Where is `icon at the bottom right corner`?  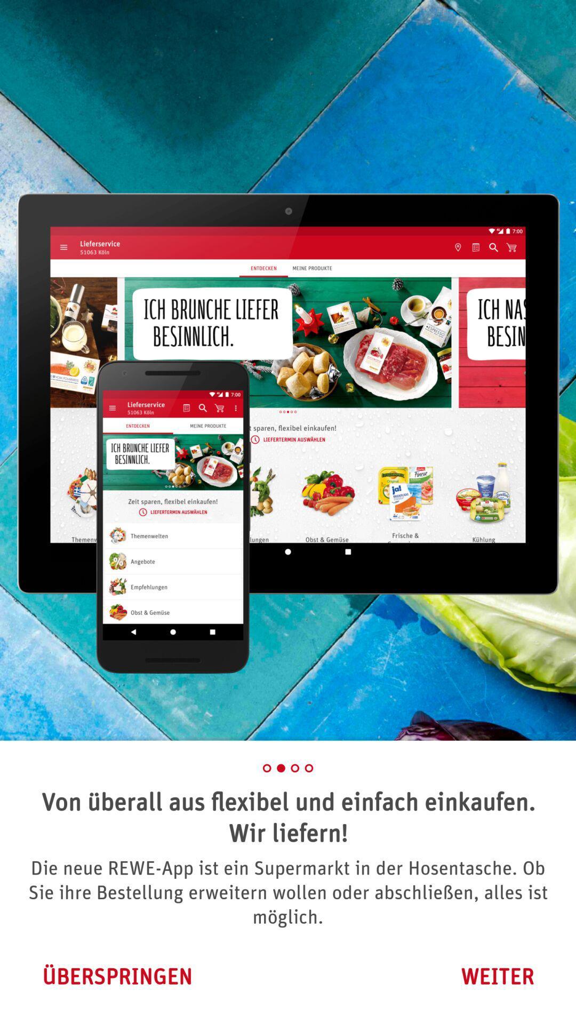
icon at the bottom right corner is located at coordinates (497, 976).